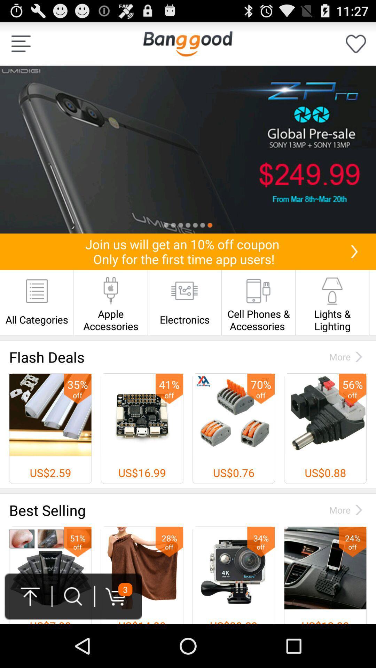  I want to click on favorite, so click(356, 43).